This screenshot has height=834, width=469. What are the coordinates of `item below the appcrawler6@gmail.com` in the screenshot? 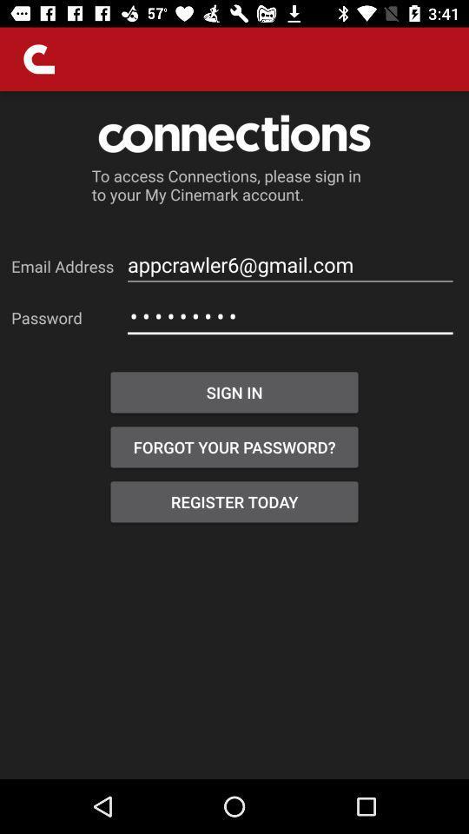 It's located at (290, 315).